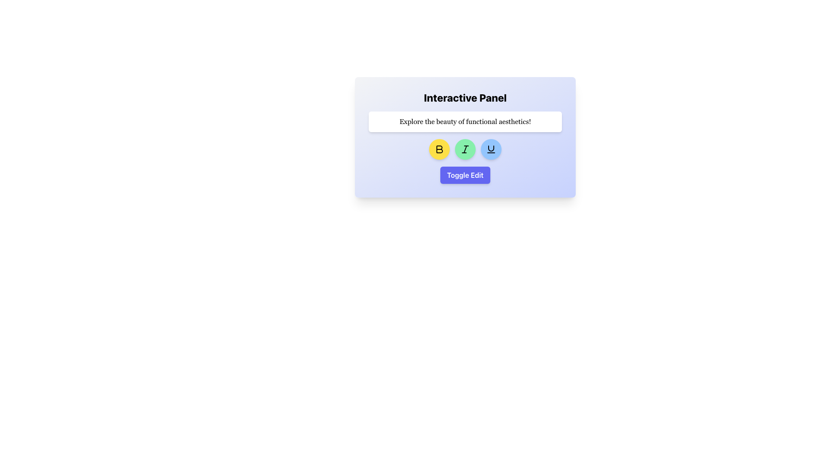 The image size is (828, 465). I want to click on the leftmost circular button with a bright yellow background and a bold 'B' icon to observe its hover effects, so click(439, 149).